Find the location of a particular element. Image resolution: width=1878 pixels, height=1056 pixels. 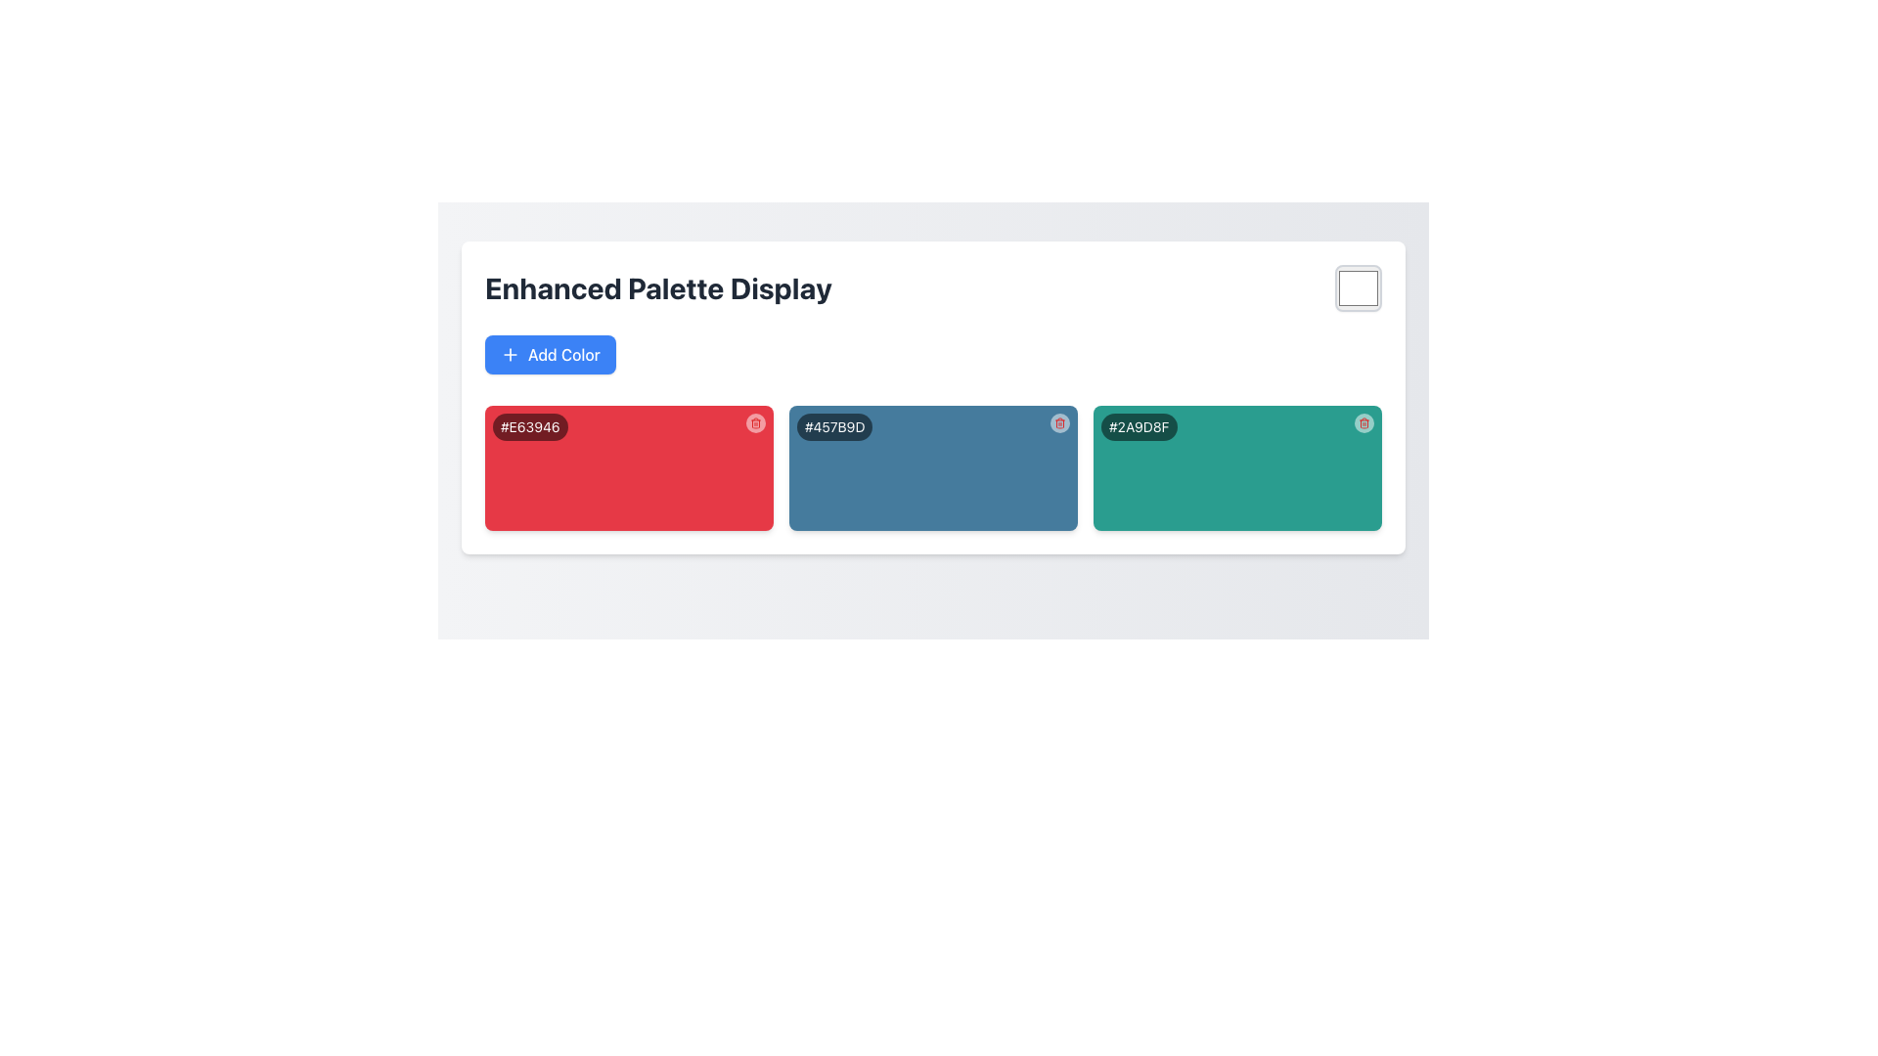

the red circular button with a trash can symbol located in the top-right corner of the green card labeled '#2A9D8F' is located at coordinates (1364, 421).